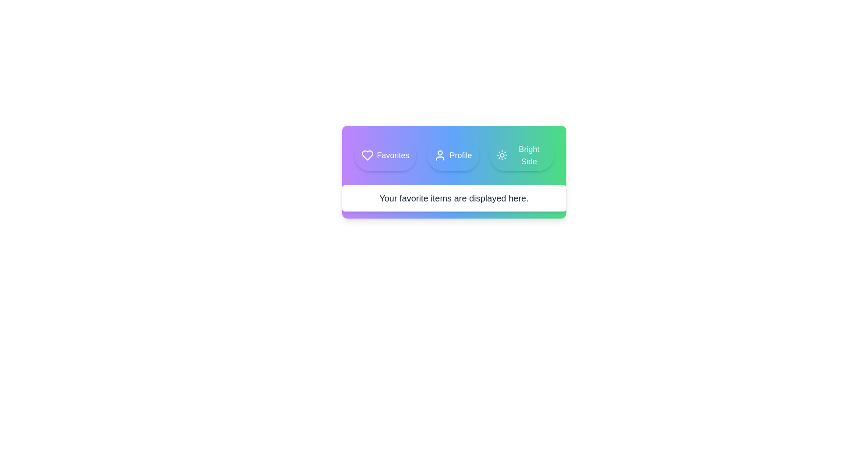  I want to click on the Profile tab to observe its hover effect, so click(453, 155).